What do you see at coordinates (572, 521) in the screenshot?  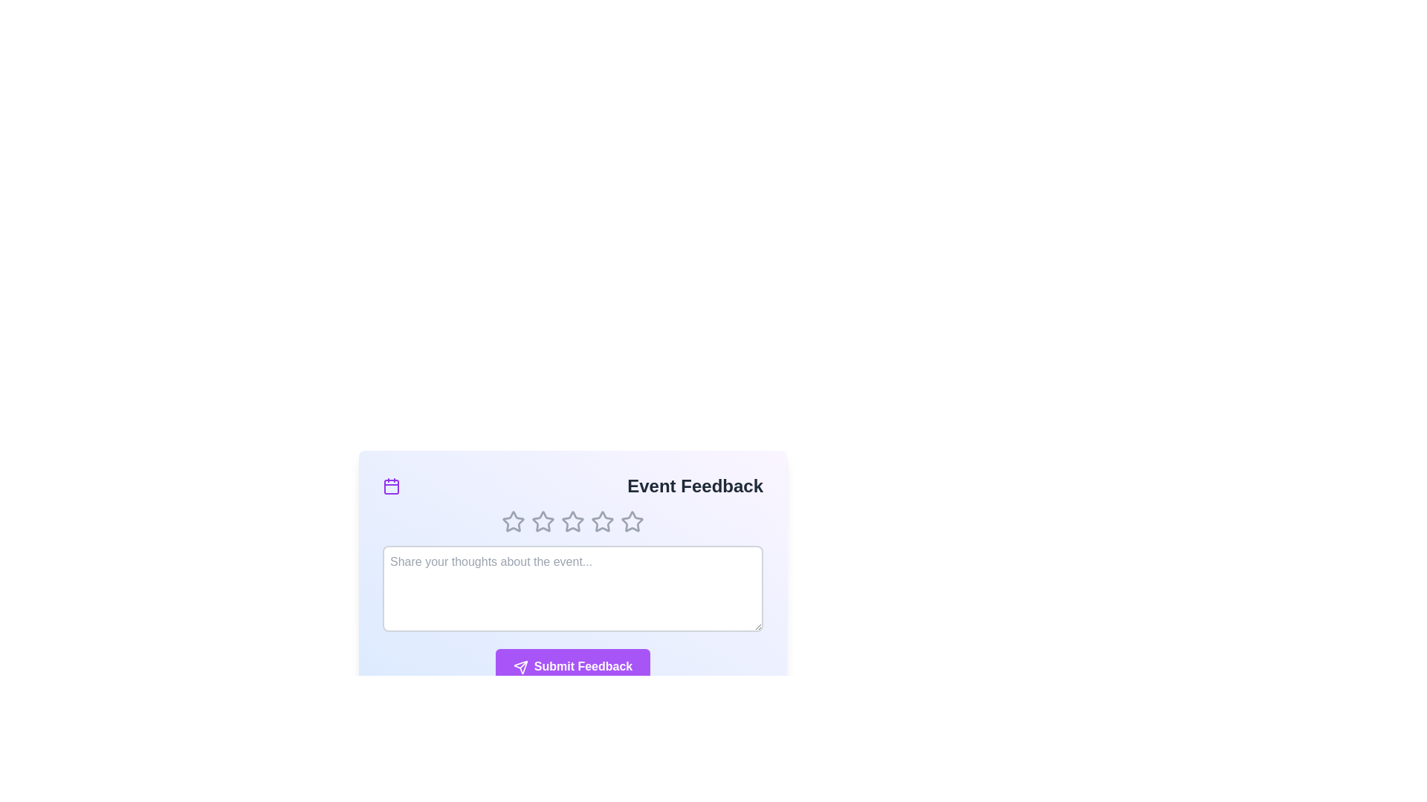 I see `the third hollow star icon in the rating row` at bounding box center [572, 521].